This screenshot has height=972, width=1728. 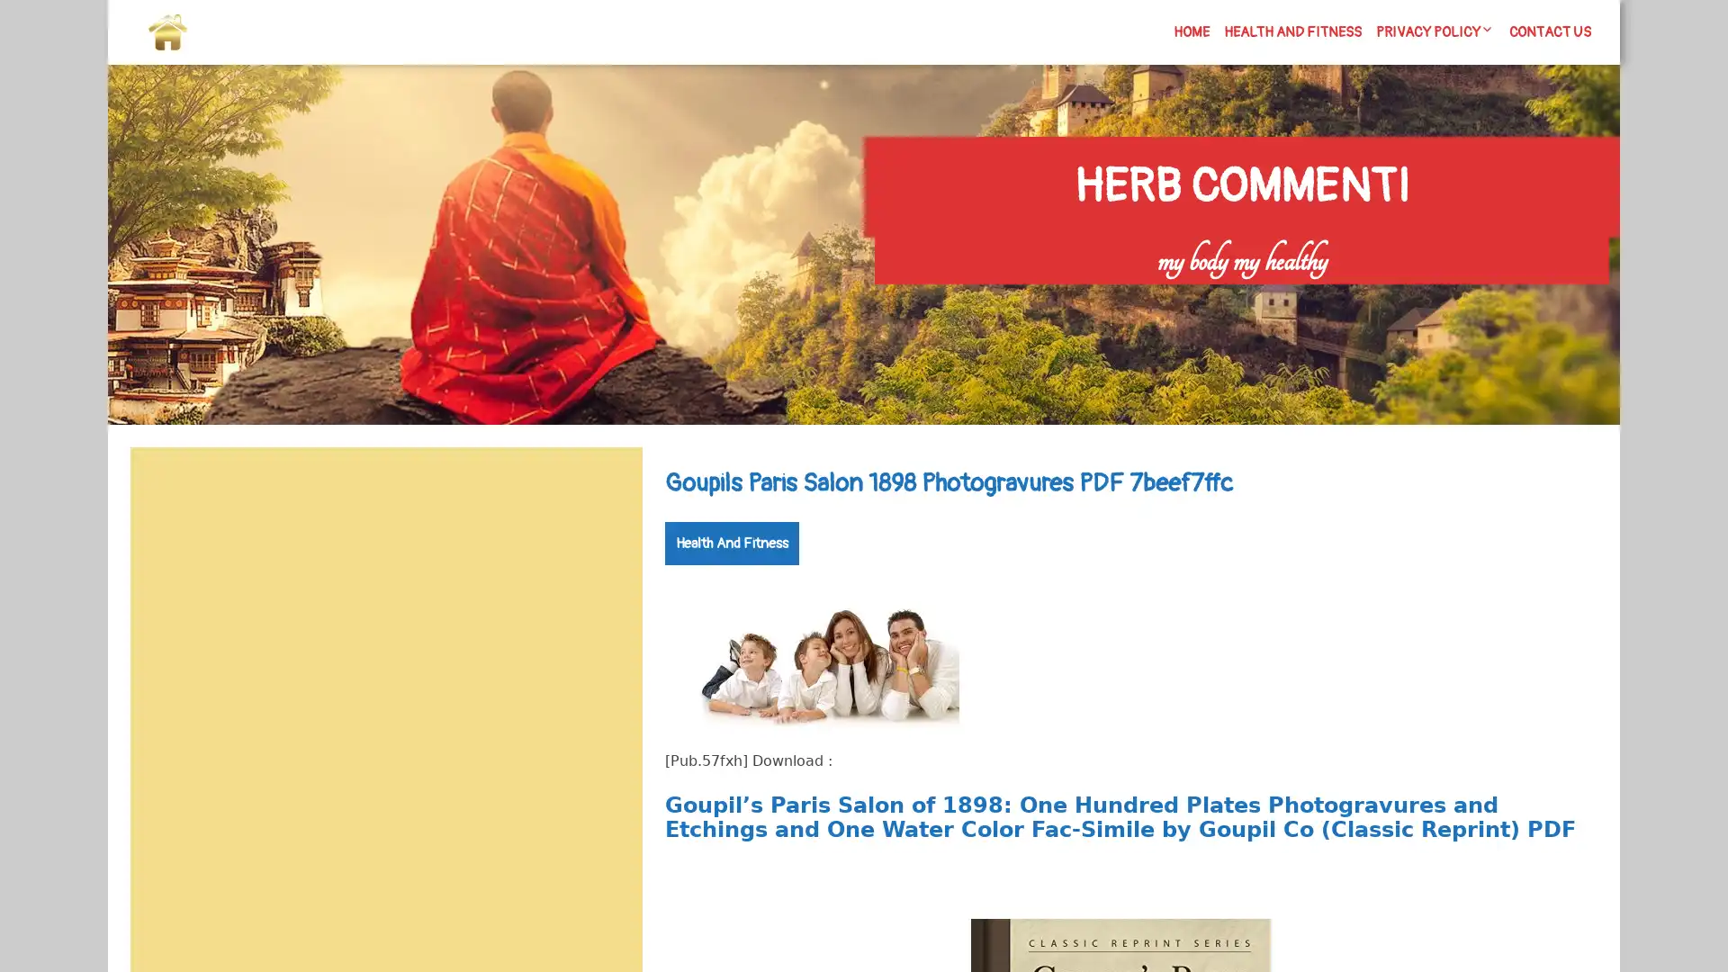 I want to click on Search, so click(x=1401, y=294).